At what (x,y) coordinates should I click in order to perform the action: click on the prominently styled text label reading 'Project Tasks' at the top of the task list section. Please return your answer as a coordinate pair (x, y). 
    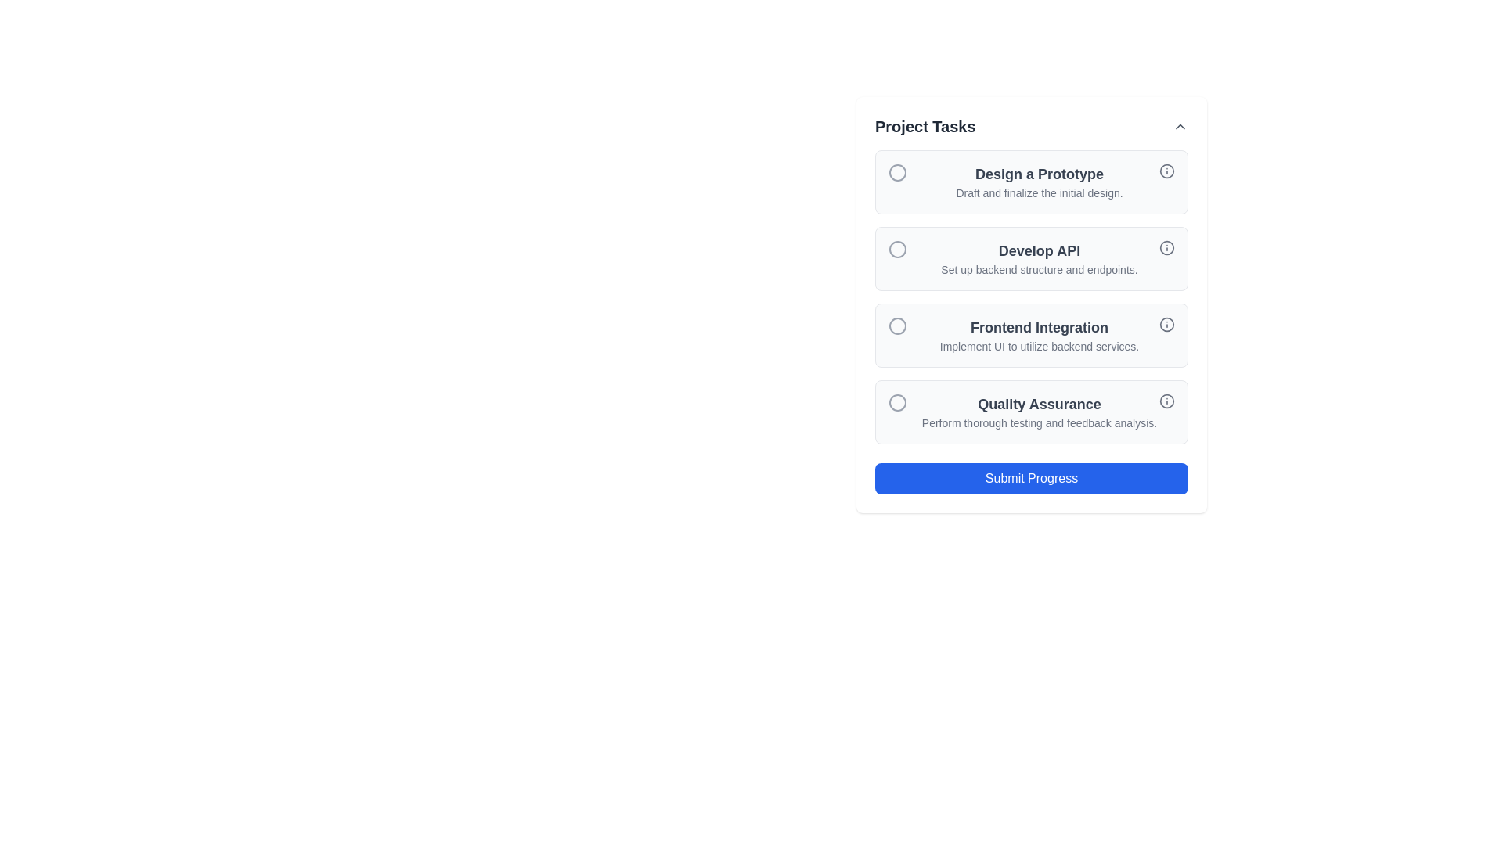
    Looking at the image, I should click on (925, 126).